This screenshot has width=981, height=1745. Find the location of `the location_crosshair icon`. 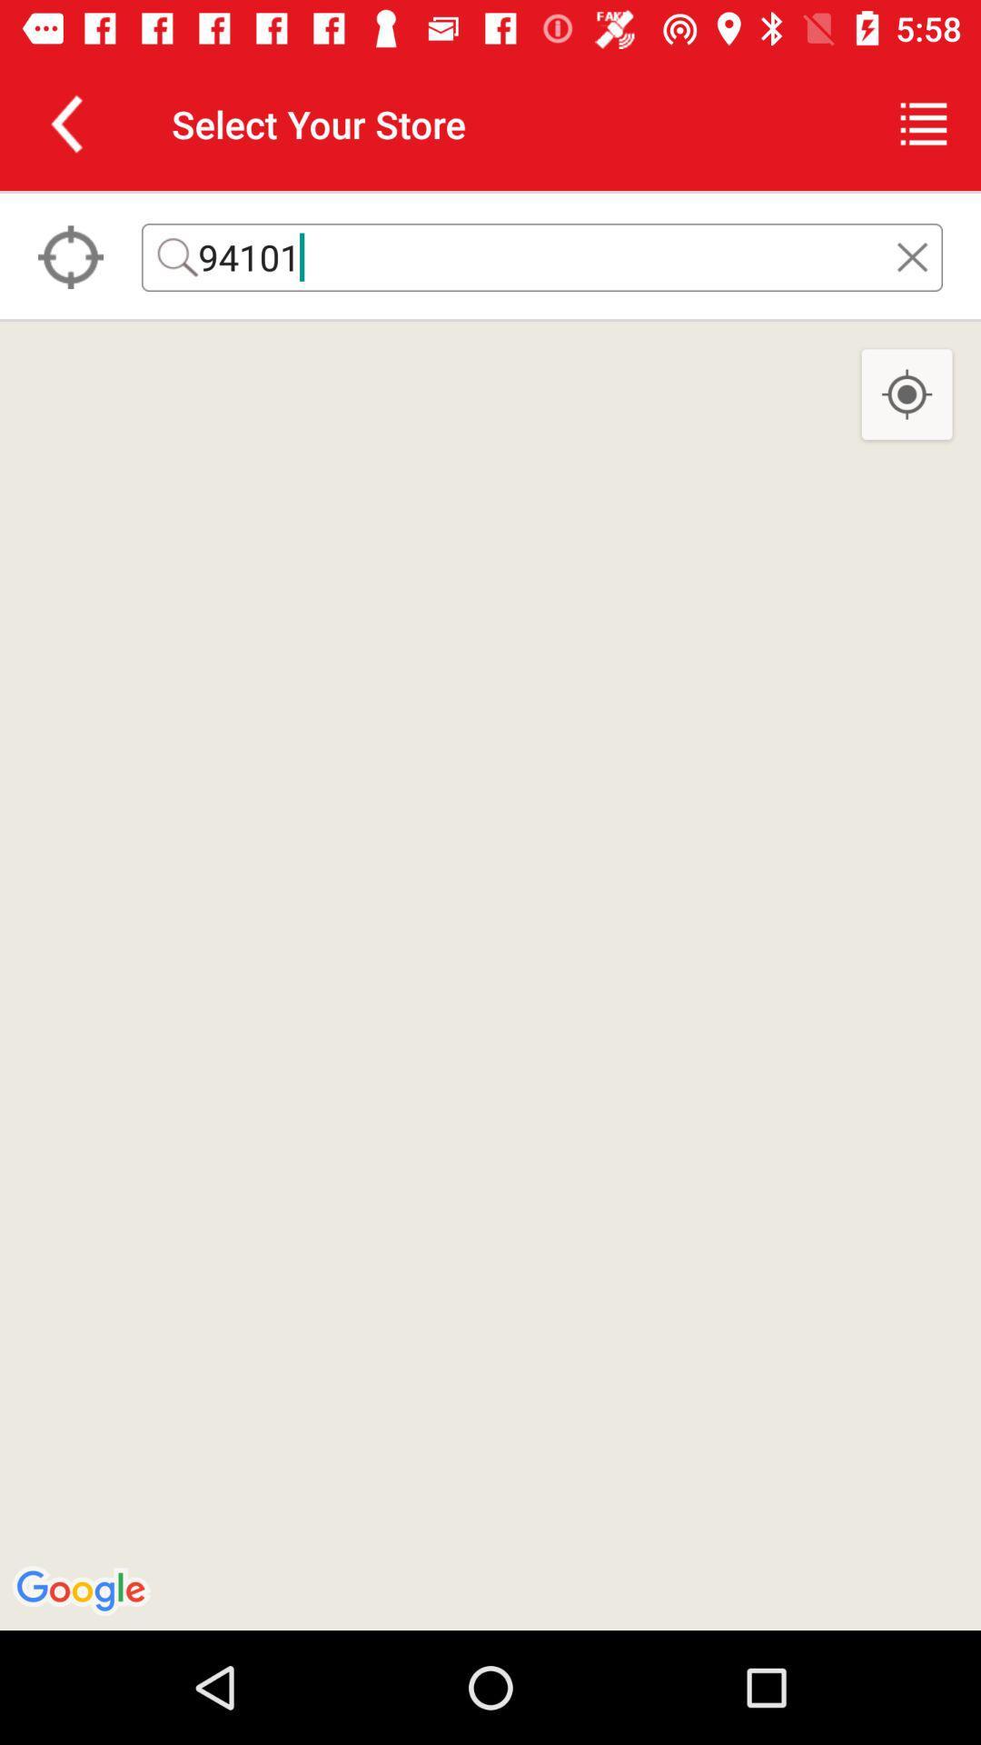

the location_crosshair icon is located at coordinates (907, 394).